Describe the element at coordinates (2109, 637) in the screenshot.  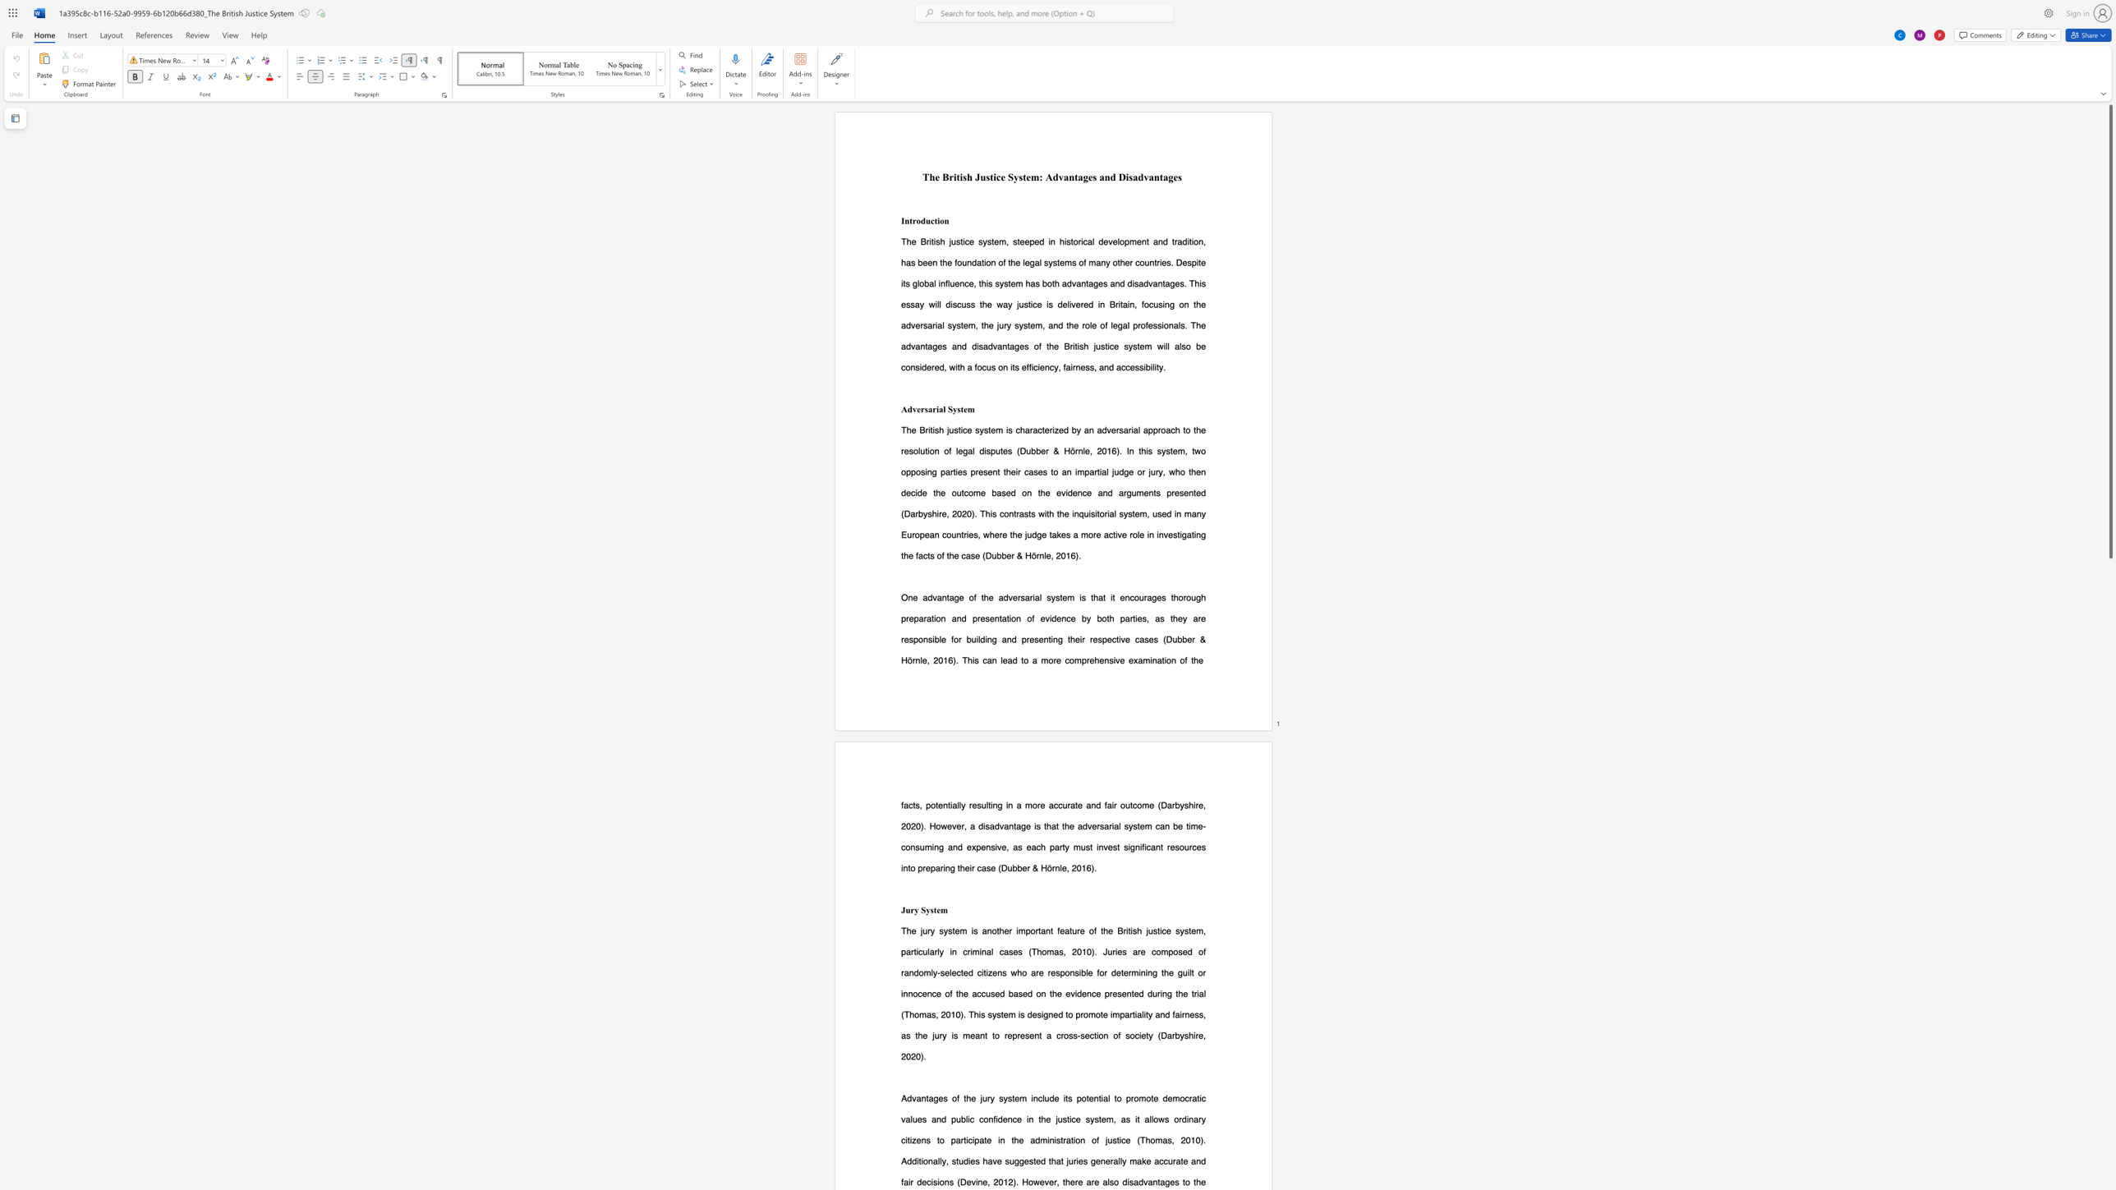
I see `the scrollbar to scroll downward` at that location.